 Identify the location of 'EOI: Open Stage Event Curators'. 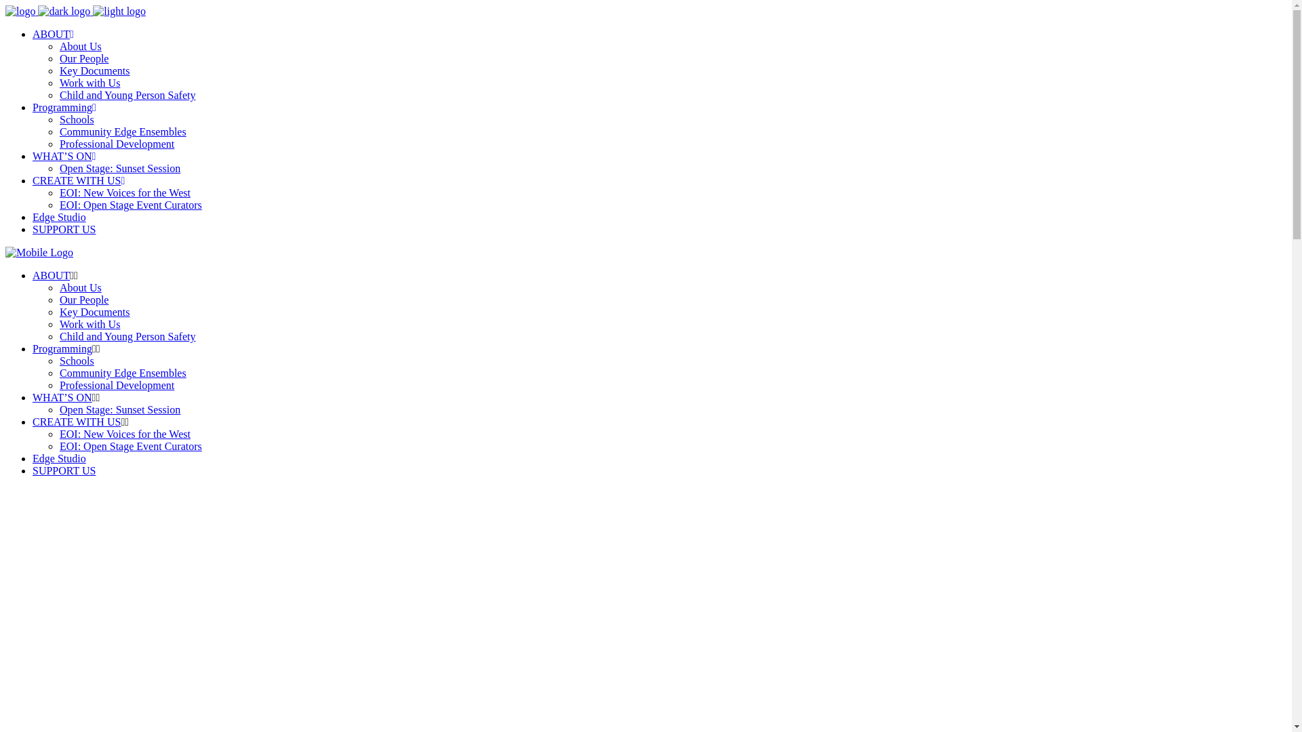
(130, 446).